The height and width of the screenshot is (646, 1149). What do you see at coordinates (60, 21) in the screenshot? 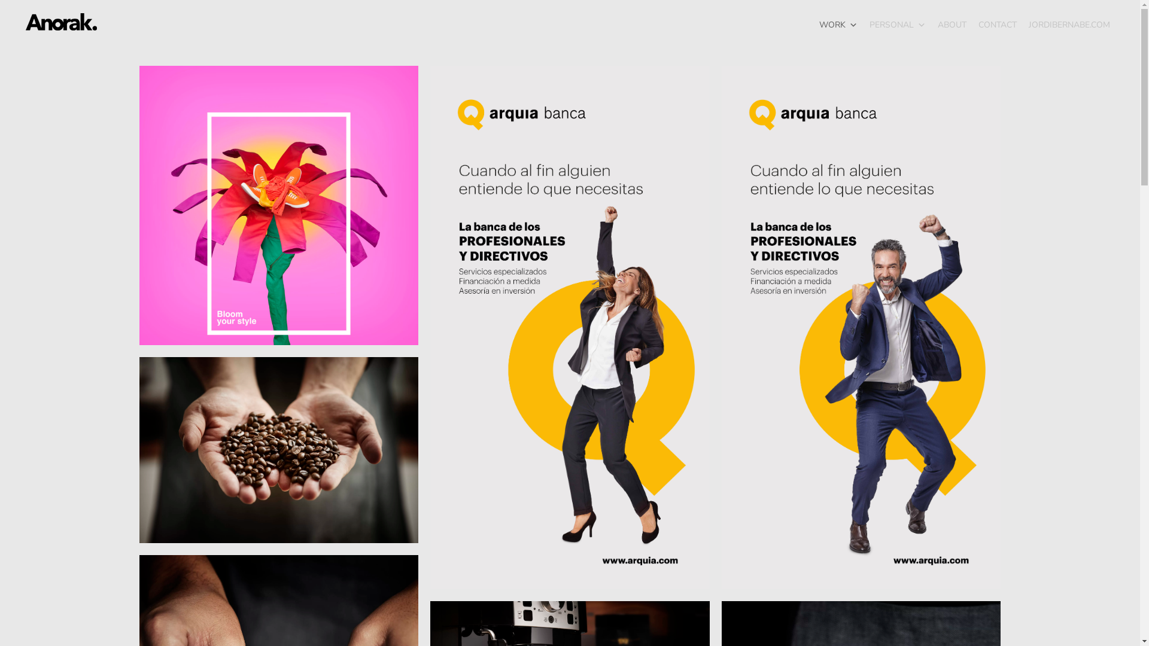
I see `'Anorak'` at bounding box center [60, 21].